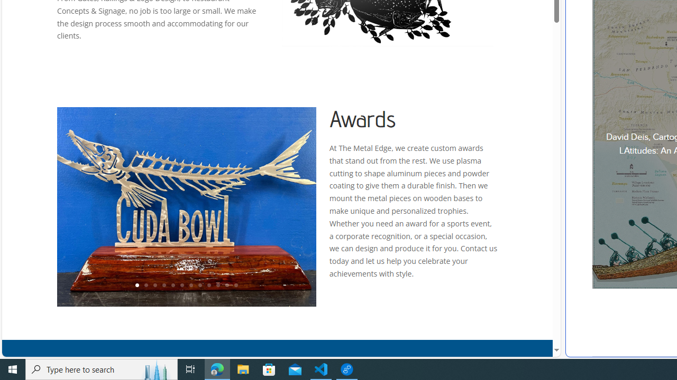  I want to click on '2', so click(145, 286).